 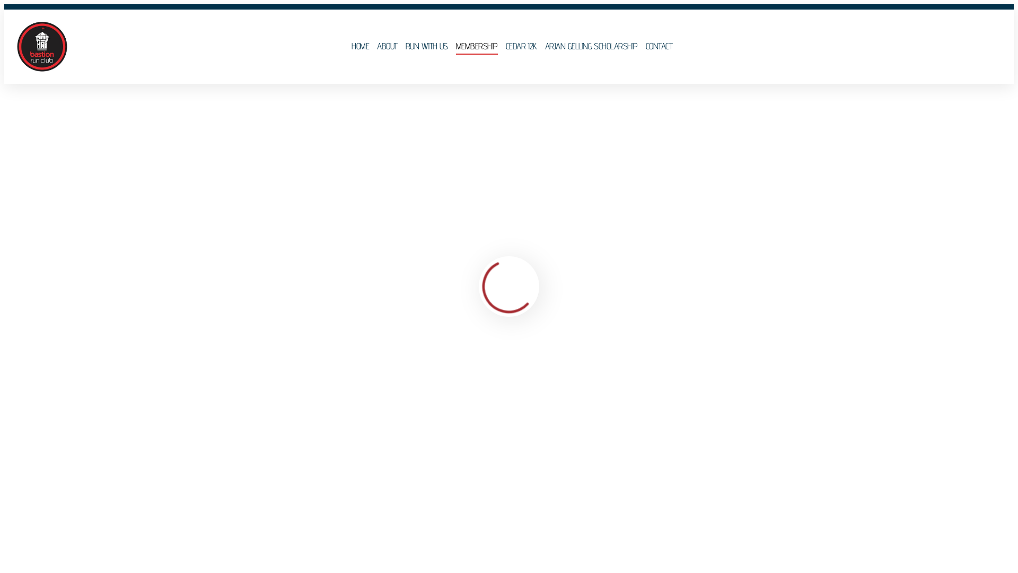 I want to click on 'HOME', so click(x=360, y=46).